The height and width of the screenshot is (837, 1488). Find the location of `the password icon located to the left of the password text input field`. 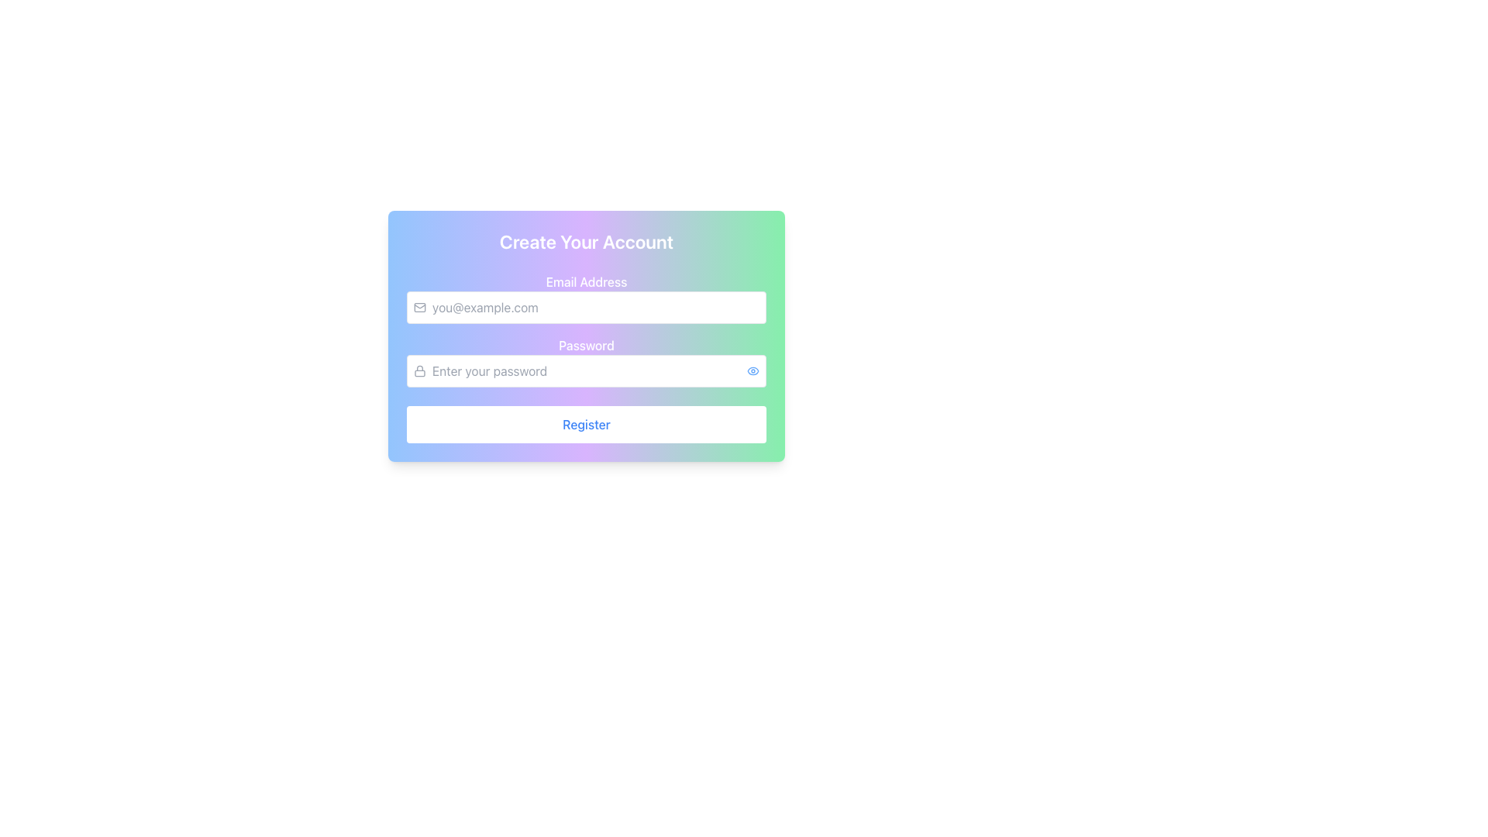

the password icon located to the left of the password text input field is located at coordinates (420, 370).